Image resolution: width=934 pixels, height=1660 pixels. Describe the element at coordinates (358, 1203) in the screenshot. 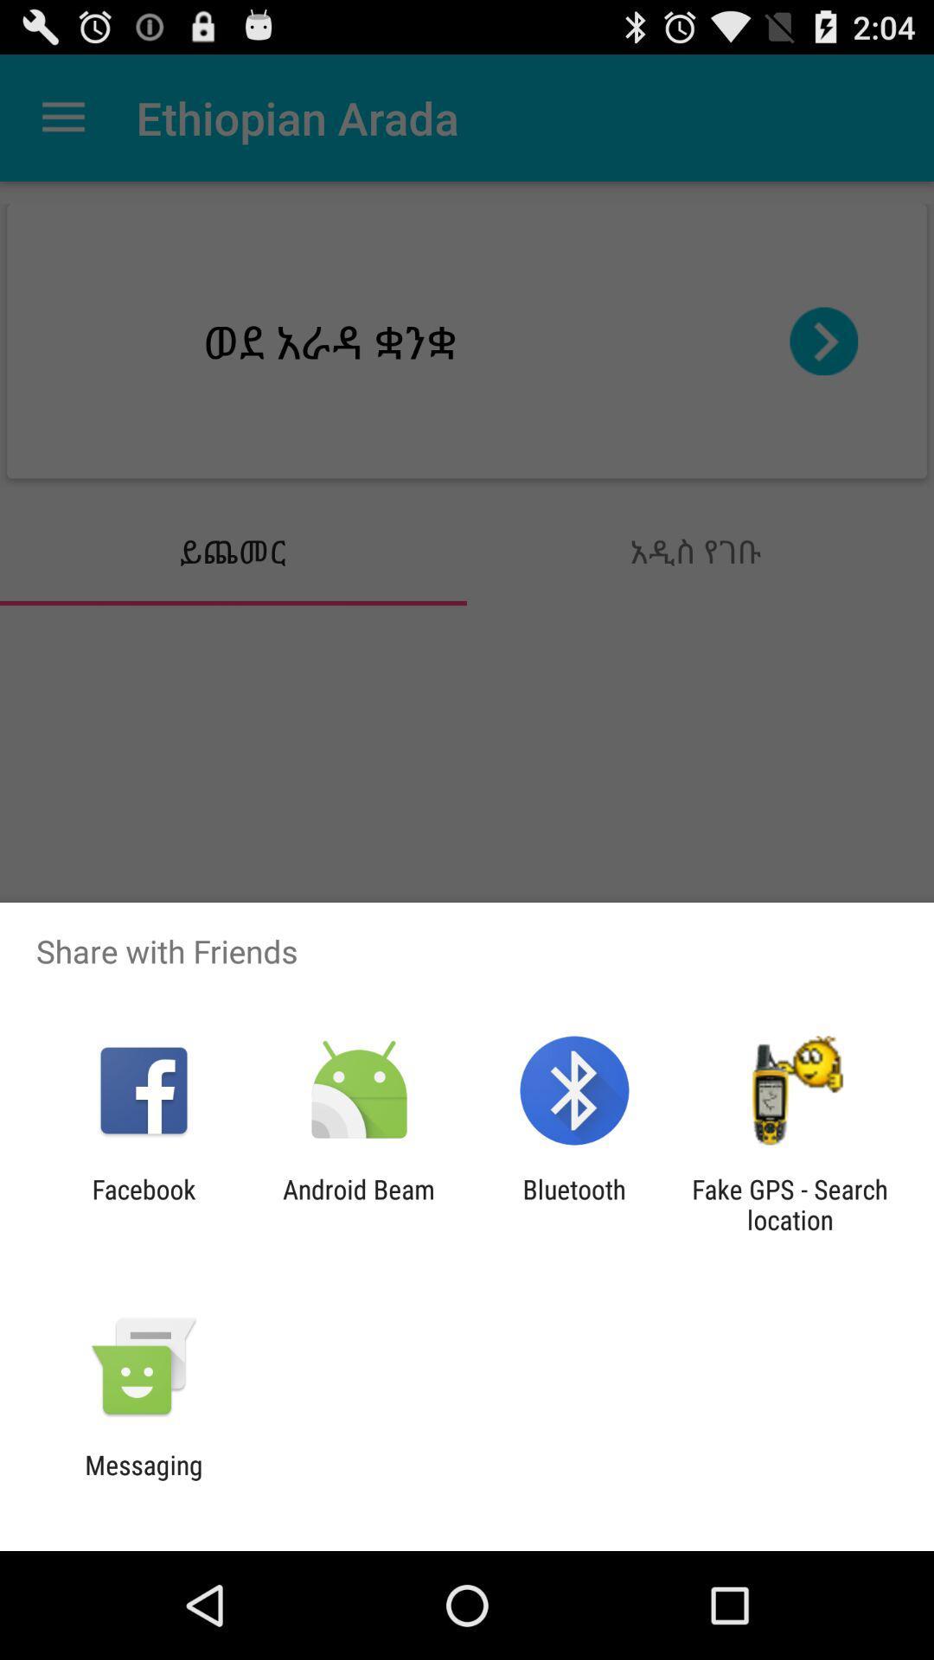

I see `the android beam icon` at that location.